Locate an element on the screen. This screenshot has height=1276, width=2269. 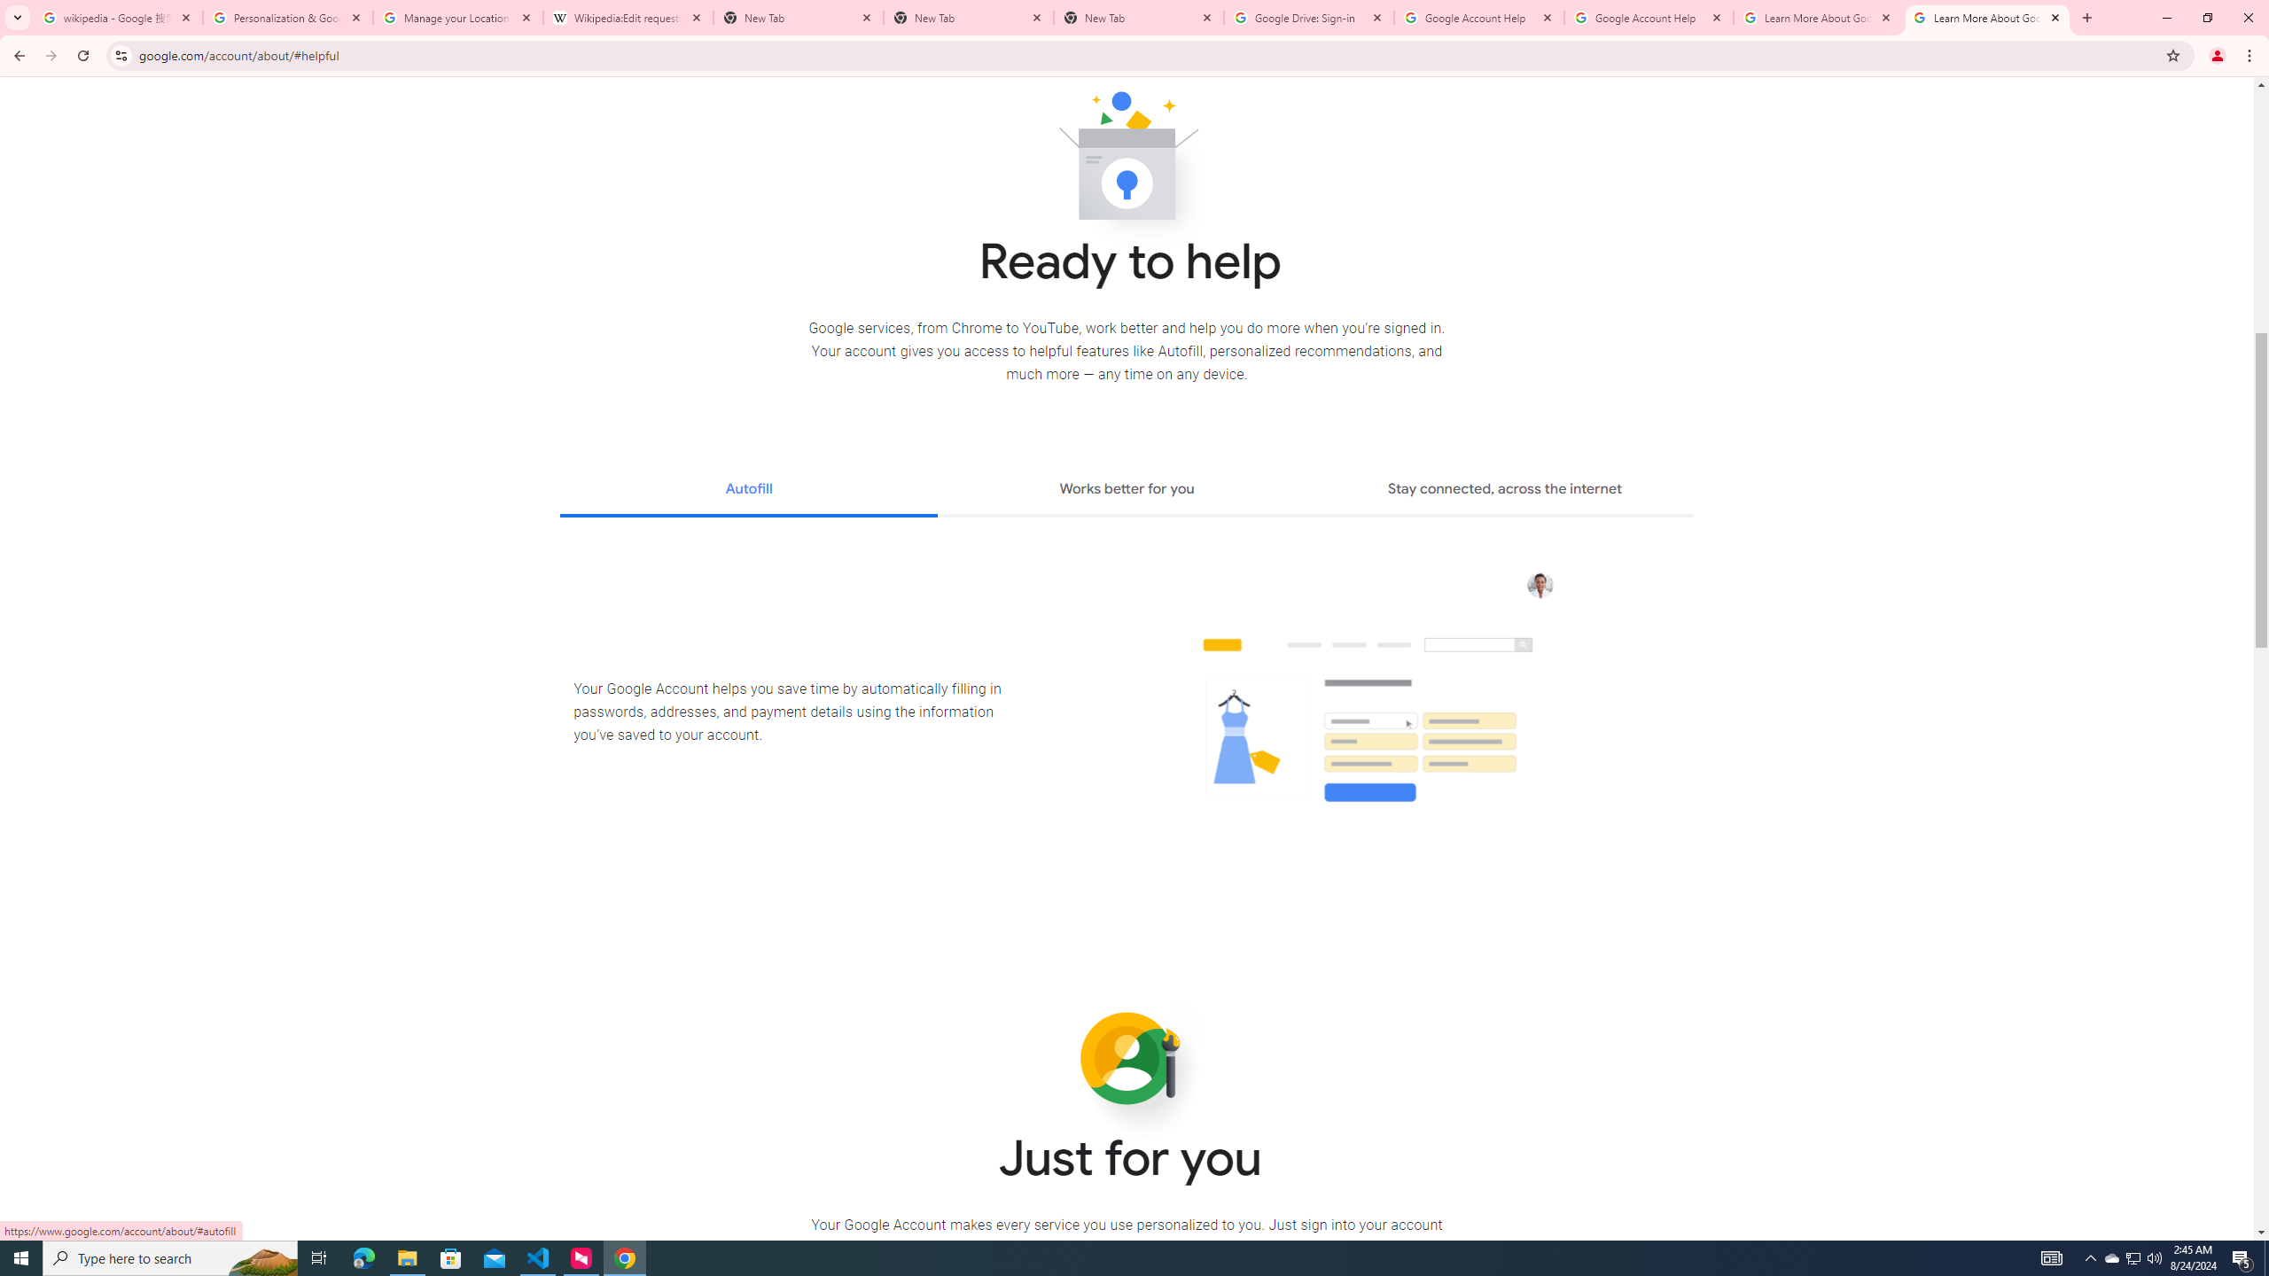
'Google Drive: Sign-in' is located at coordinates (1308, 17).